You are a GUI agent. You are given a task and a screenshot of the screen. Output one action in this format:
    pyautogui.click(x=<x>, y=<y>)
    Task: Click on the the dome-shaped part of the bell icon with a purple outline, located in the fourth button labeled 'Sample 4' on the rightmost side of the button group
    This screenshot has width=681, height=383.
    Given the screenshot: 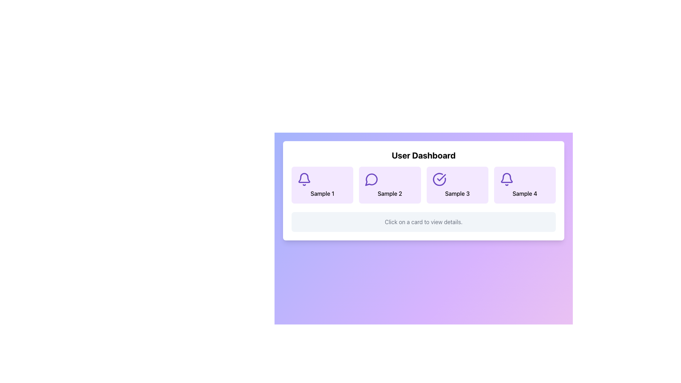 What is the action you would take?
    pyautogui.click(x=506, y=177)
    